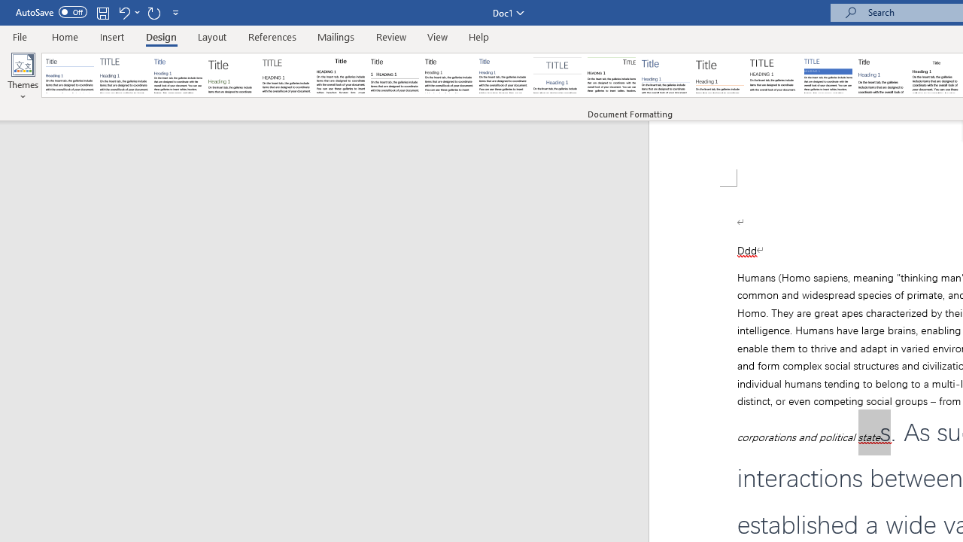 The image size is (963, 542). I want to click on 'Undo Apply Quick Style Set', so click(123, 12).